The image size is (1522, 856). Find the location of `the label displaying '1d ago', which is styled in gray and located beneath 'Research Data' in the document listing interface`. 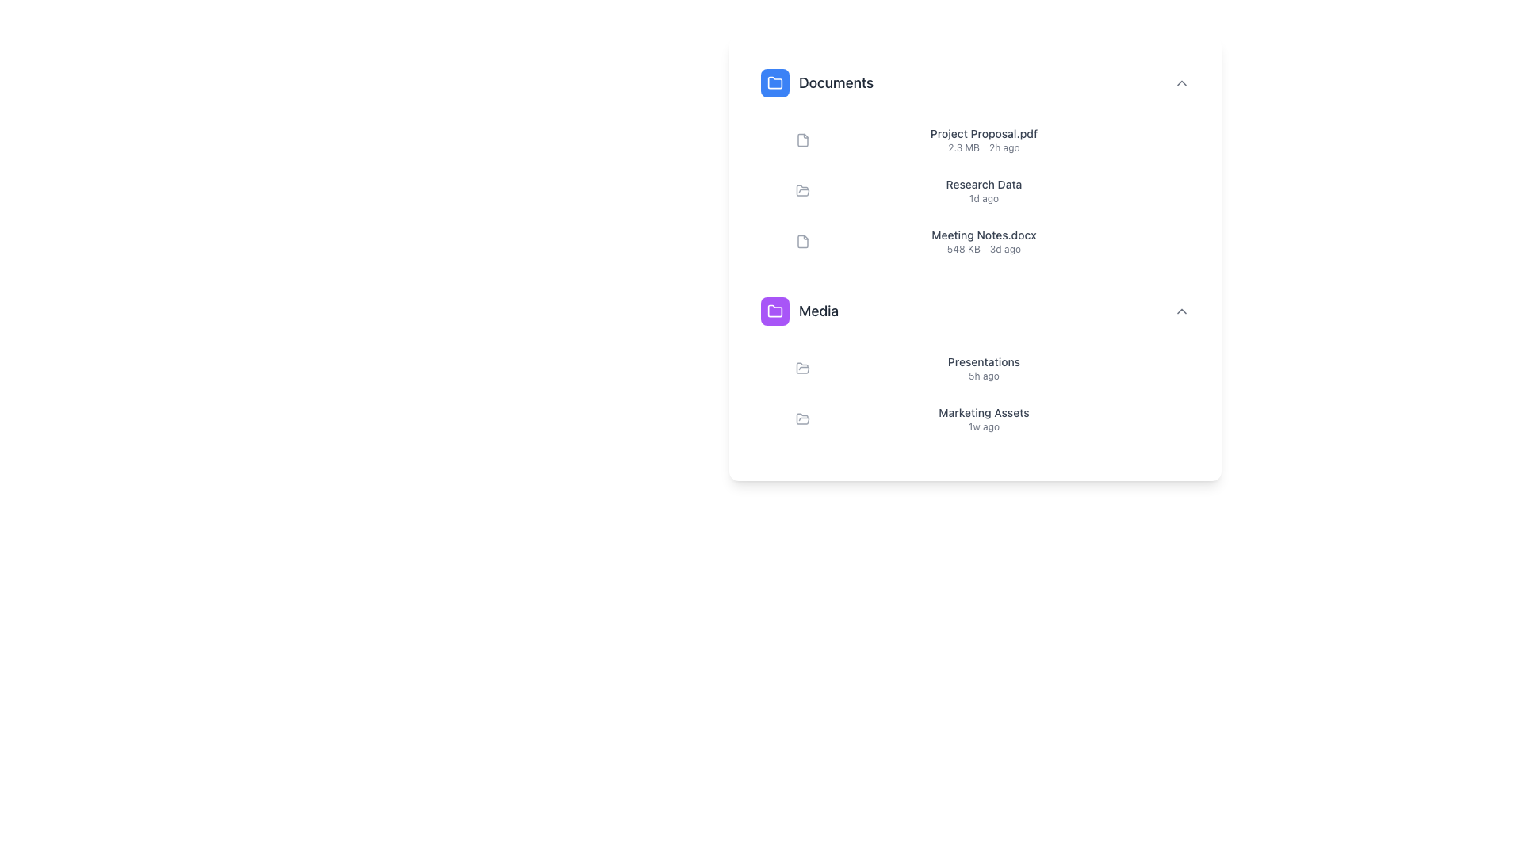

the label displaying '1d ago', which is styled in gray and located beneath 'Research Data' in the document listing interface is located at coordinates (983, 197).